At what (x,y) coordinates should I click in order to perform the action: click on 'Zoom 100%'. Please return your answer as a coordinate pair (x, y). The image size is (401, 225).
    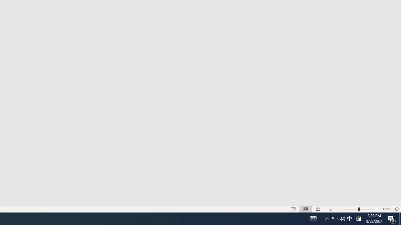
    Looking at the image, I should click on (386, 209).